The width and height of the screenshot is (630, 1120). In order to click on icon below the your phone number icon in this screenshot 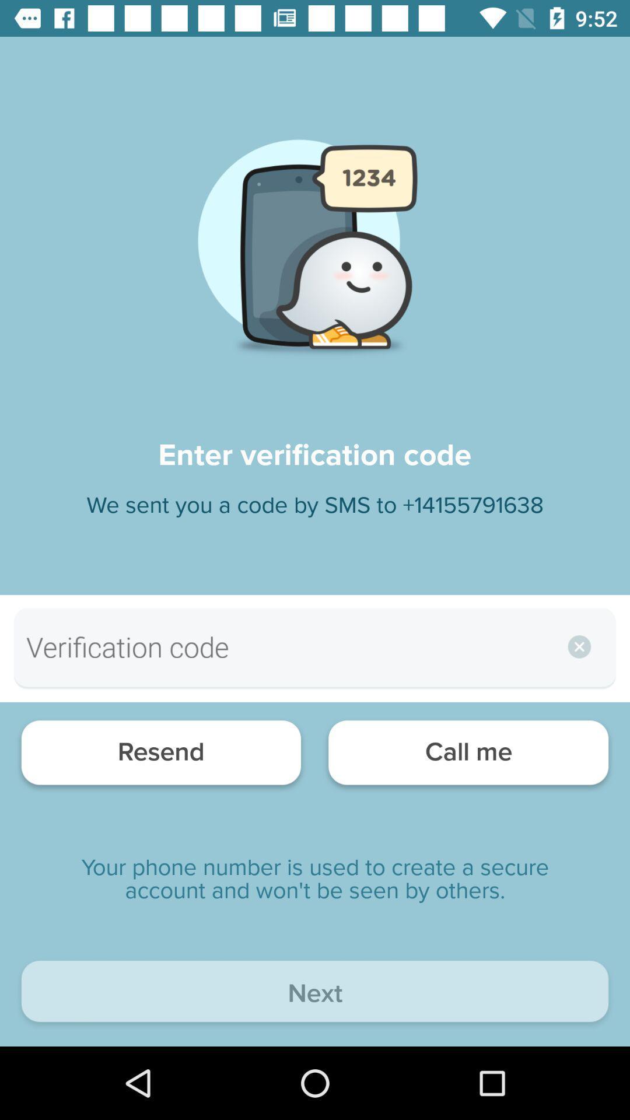, I will do `click(315, 993)`.